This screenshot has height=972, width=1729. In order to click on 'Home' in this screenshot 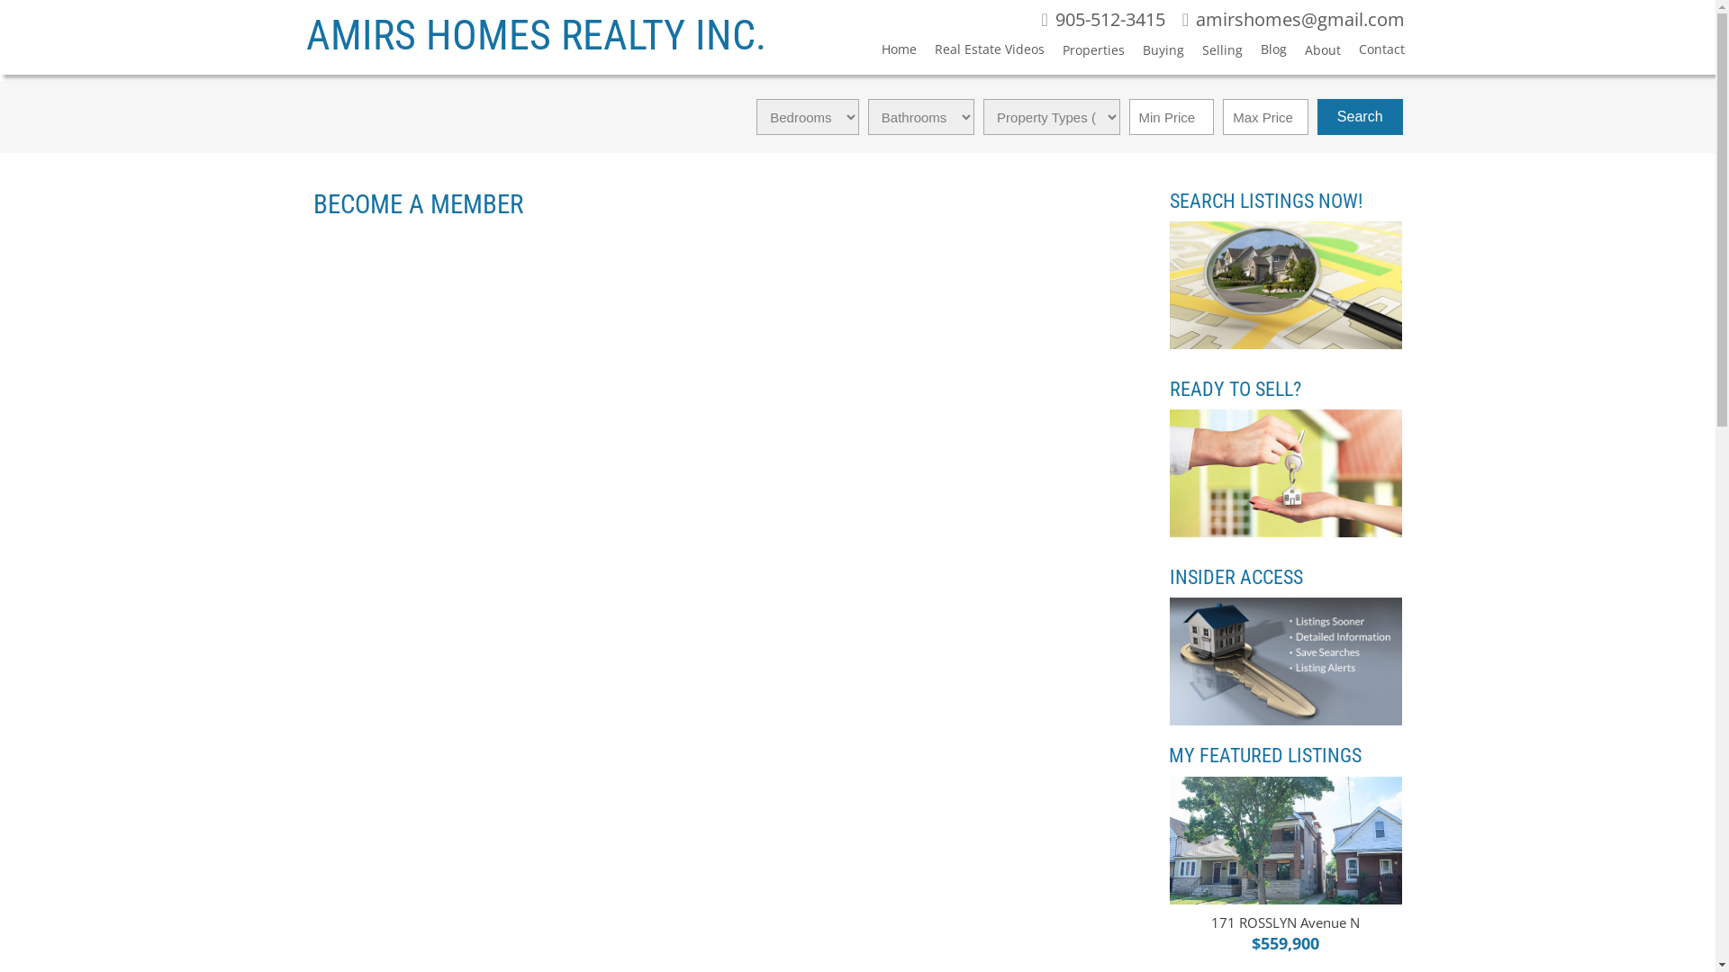, I will do `click(890, 51)`.